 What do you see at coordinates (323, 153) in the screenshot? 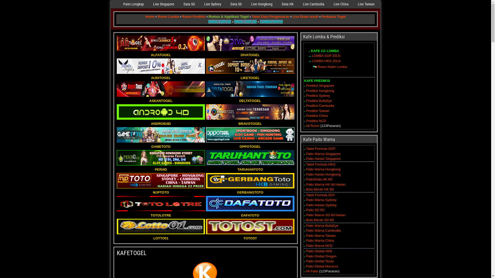
I see `'Paito Warna Singapore'` at bounding box center [323, 153].